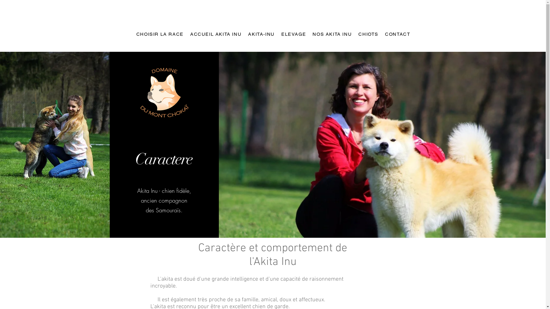 This screenshot has height=309, width=550. What do you see at coordinates (293, 34) in the screenshot?
I see `'ELEVAGE'` at bounding box center [293, 34].